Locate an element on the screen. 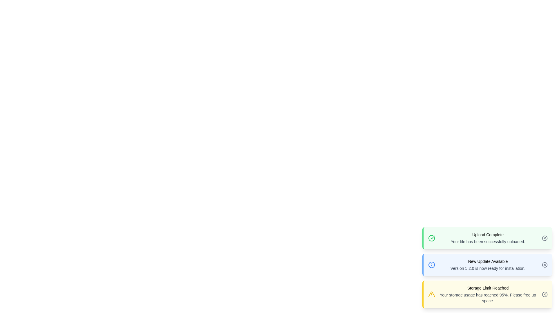 The height and width of the screenshot is (313, 557). the circular button with an 'X' mark inside, located at the top-right corner of the 'New Update Available' notification is located at coordinates (544, 265).